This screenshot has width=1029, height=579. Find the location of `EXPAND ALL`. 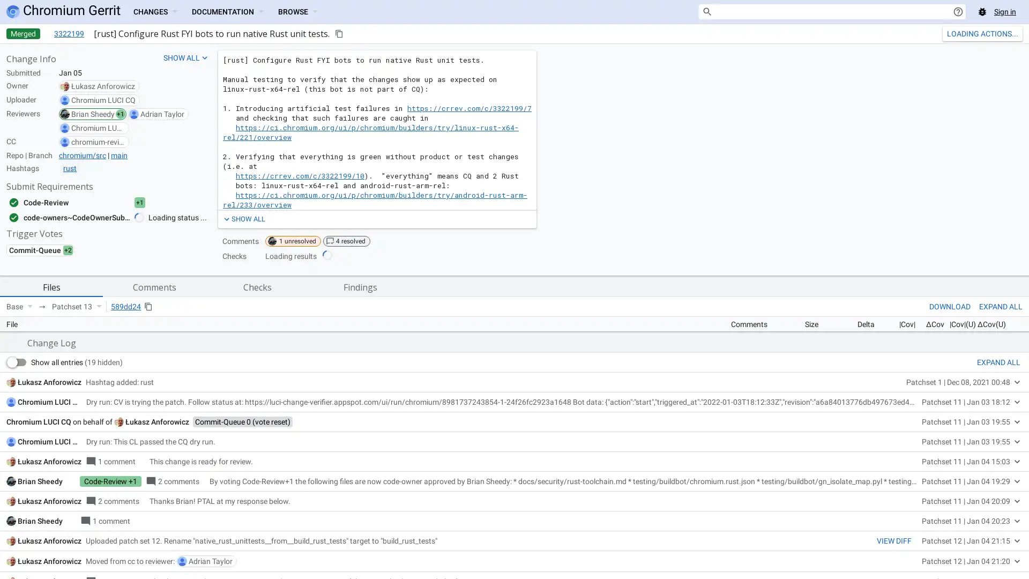

EXPAND ALL is located at coordinates (1000, 306).